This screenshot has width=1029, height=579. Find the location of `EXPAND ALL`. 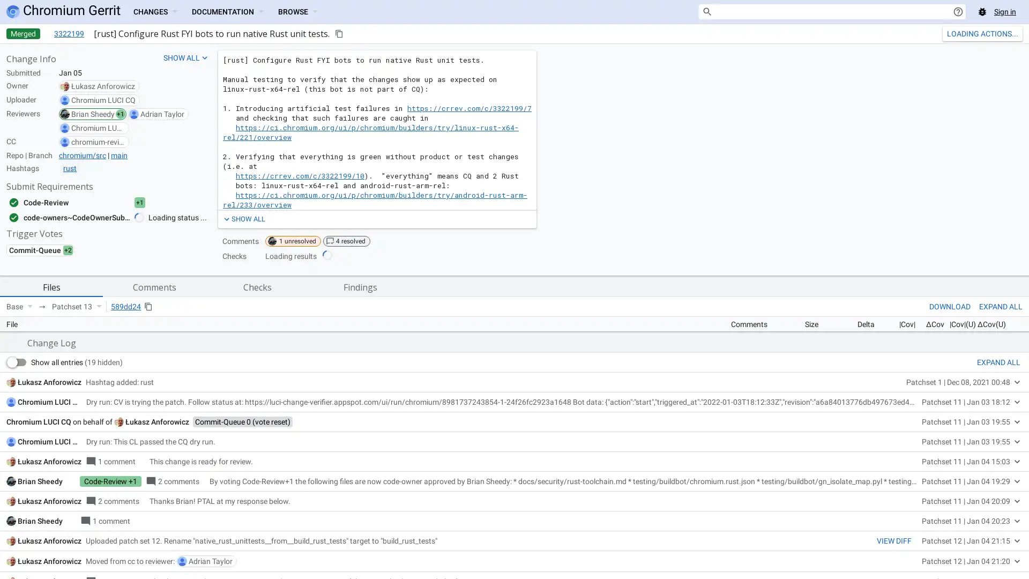

EXPAND ALL is located at coordinates (1000, 306).